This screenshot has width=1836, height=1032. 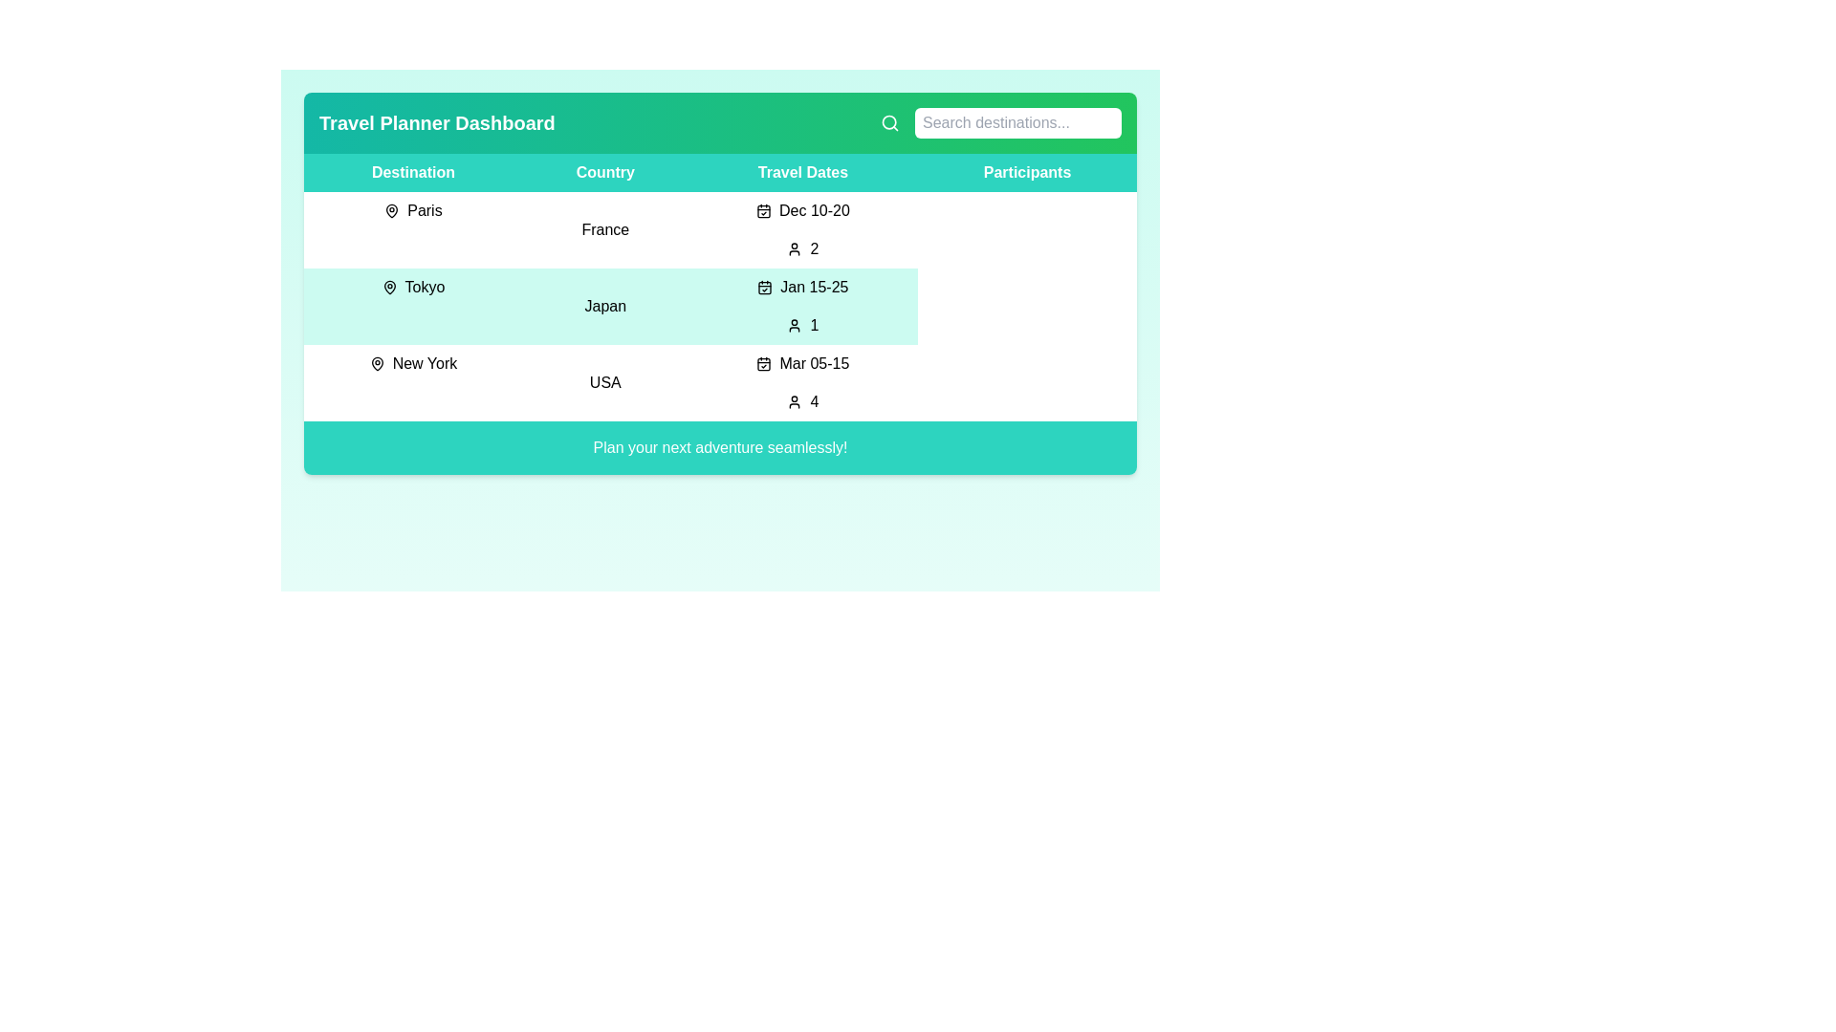 I want to click on the Text Display with Icon showing travel dates 'Jan 15-25' next to the calendar icon in the 'Travel Dates' column for 'Tokyo, Japan', so click(x=803, y=287).